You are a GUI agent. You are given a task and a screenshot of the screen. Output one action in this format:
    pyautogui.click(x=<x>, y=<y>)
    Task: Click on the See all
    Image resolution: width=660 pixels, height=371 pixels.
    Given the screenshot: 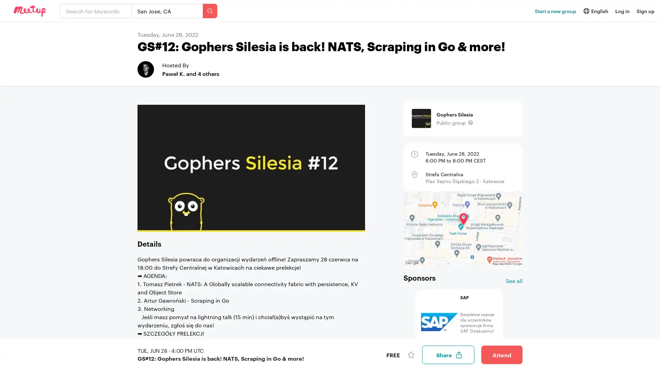 What is the action you would take?
    pyautogui.click(x=514, y=281)
    